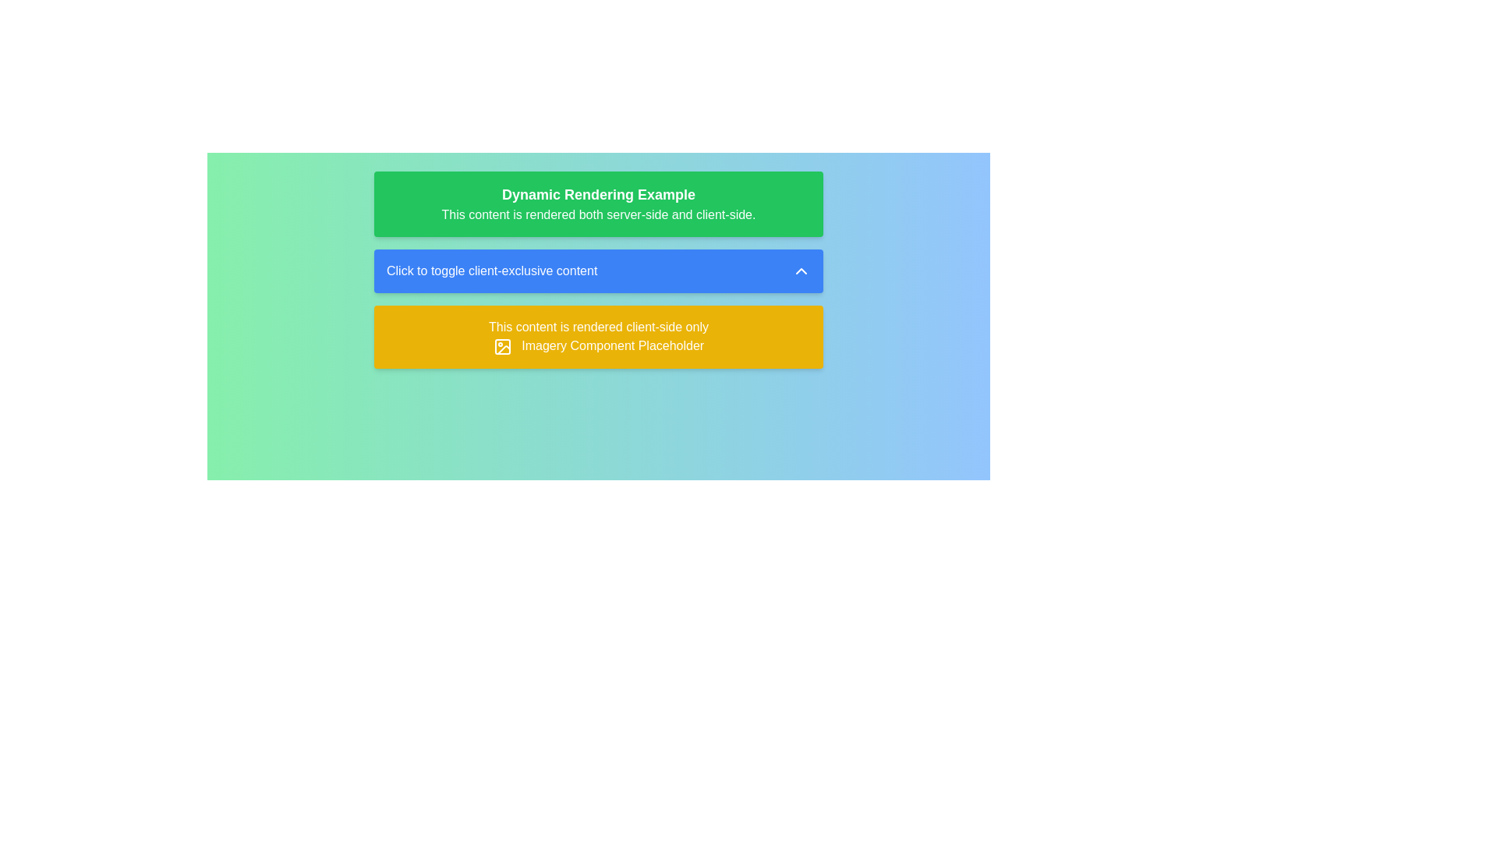  What do you see at coordinates (801, 270) in the screenshot?
I see `the toggle button located in the top-right corner of the blue rectangular section containing the text 'Click to toggle client-exclusive content'` at bounding box center [801, 270].